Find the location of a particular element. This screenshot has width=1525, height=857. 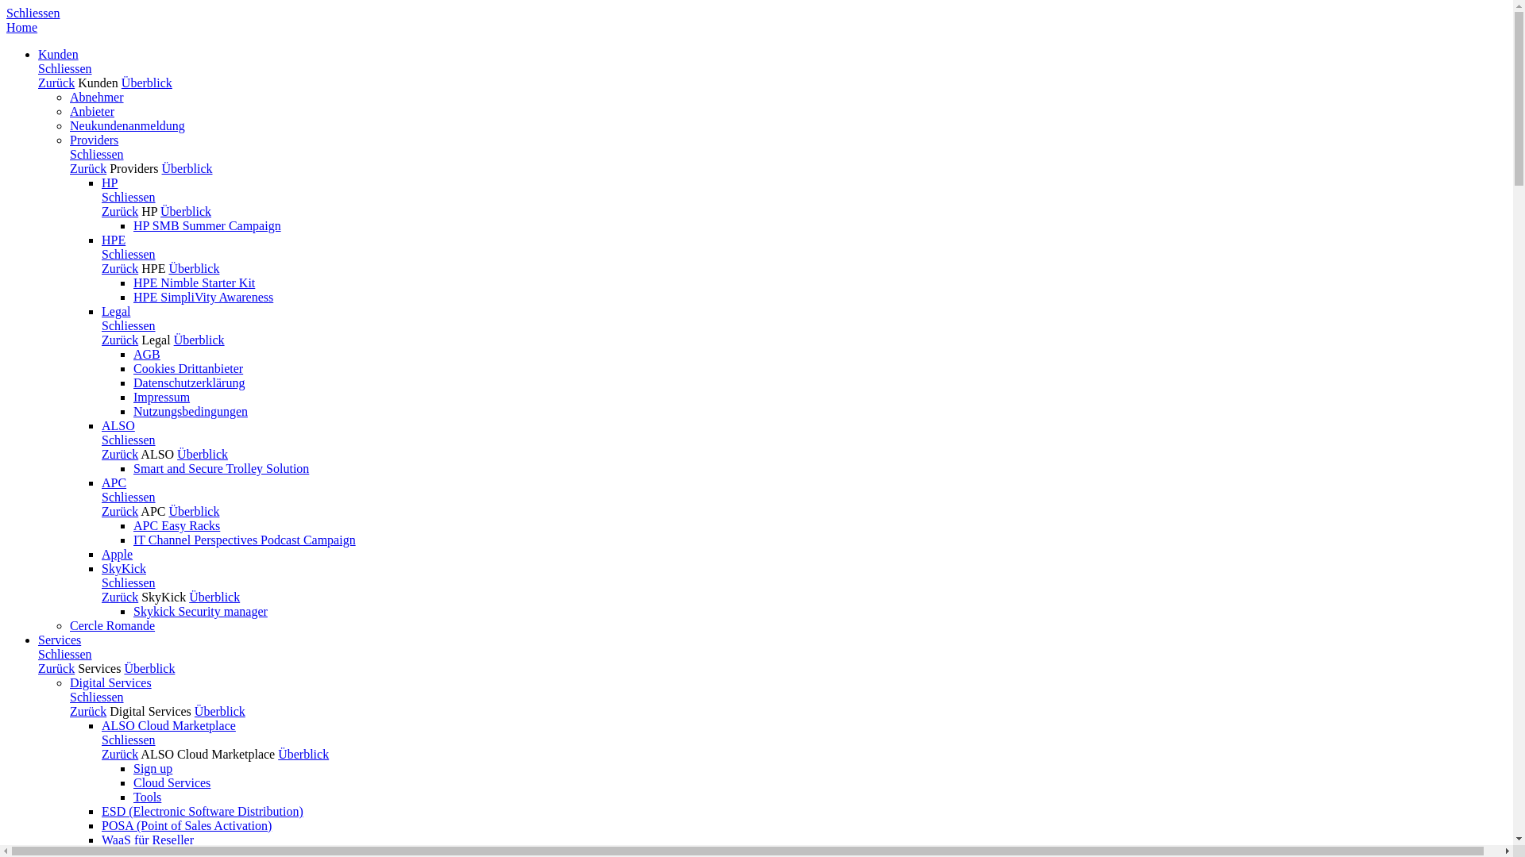

'AGB' is located at coordinates (133, 353).